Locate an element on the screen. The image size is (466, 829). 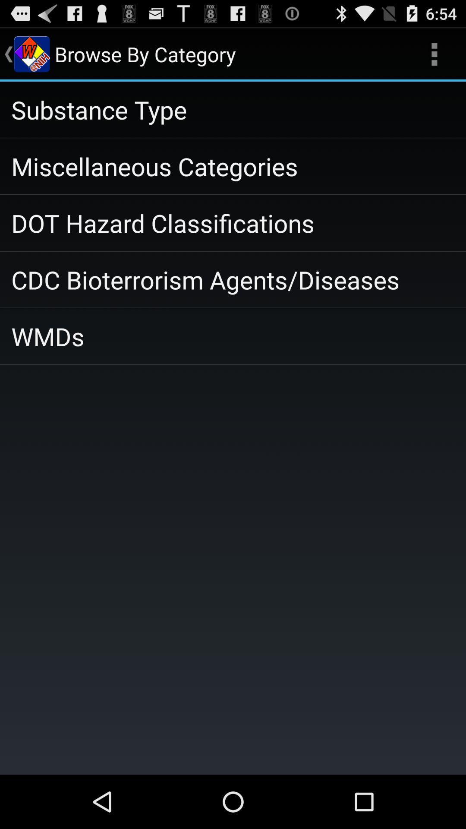
substance type app is located at coordinates (233, 109).